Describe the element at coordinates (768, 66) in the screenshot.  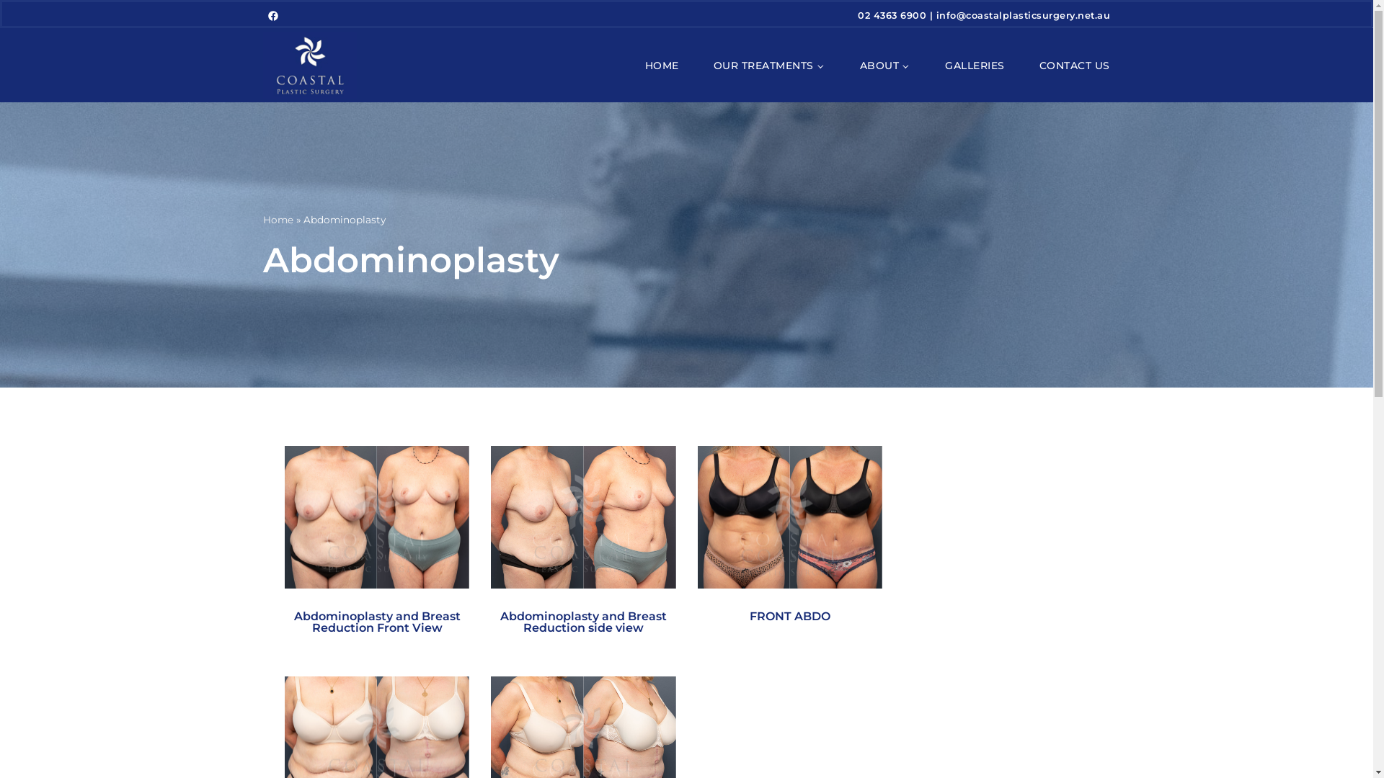
I see `'OUR TREATMENTS'` at that location.